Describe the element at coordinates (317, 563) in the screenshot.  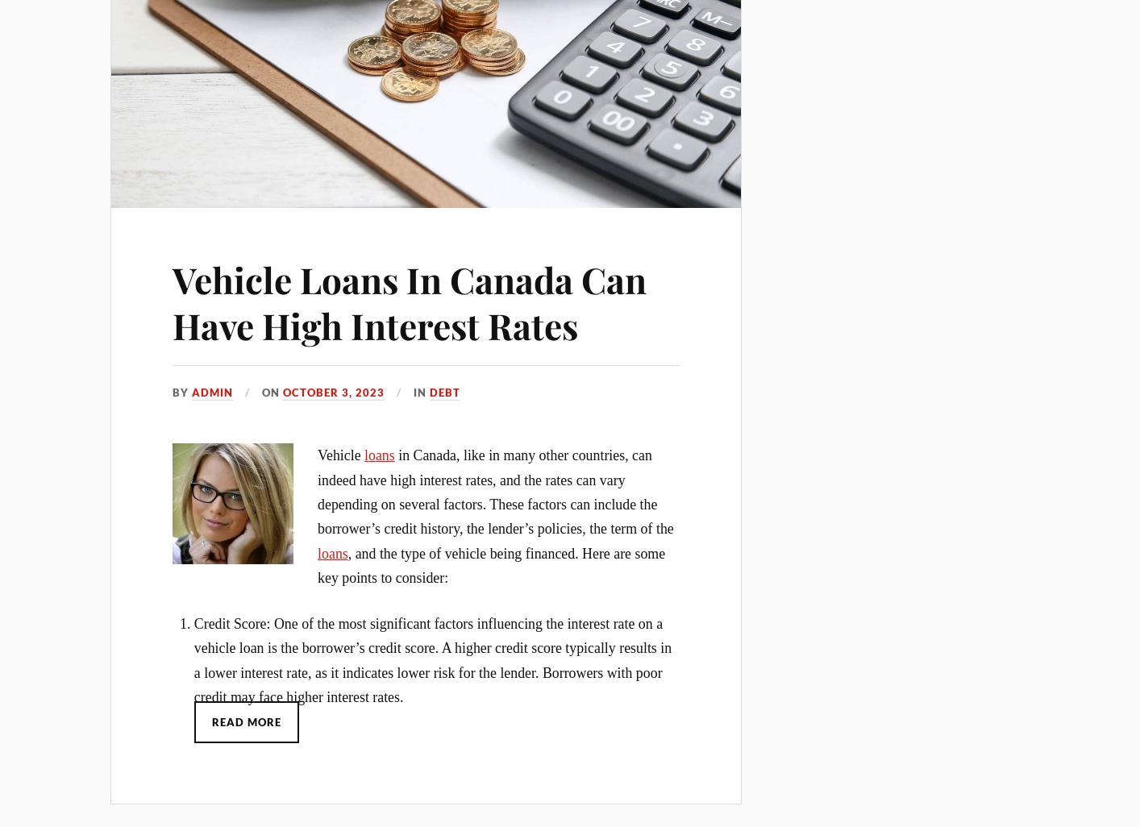
I see `', and the type of vehicle being financed. Here are some key points to consider:'` at that location.